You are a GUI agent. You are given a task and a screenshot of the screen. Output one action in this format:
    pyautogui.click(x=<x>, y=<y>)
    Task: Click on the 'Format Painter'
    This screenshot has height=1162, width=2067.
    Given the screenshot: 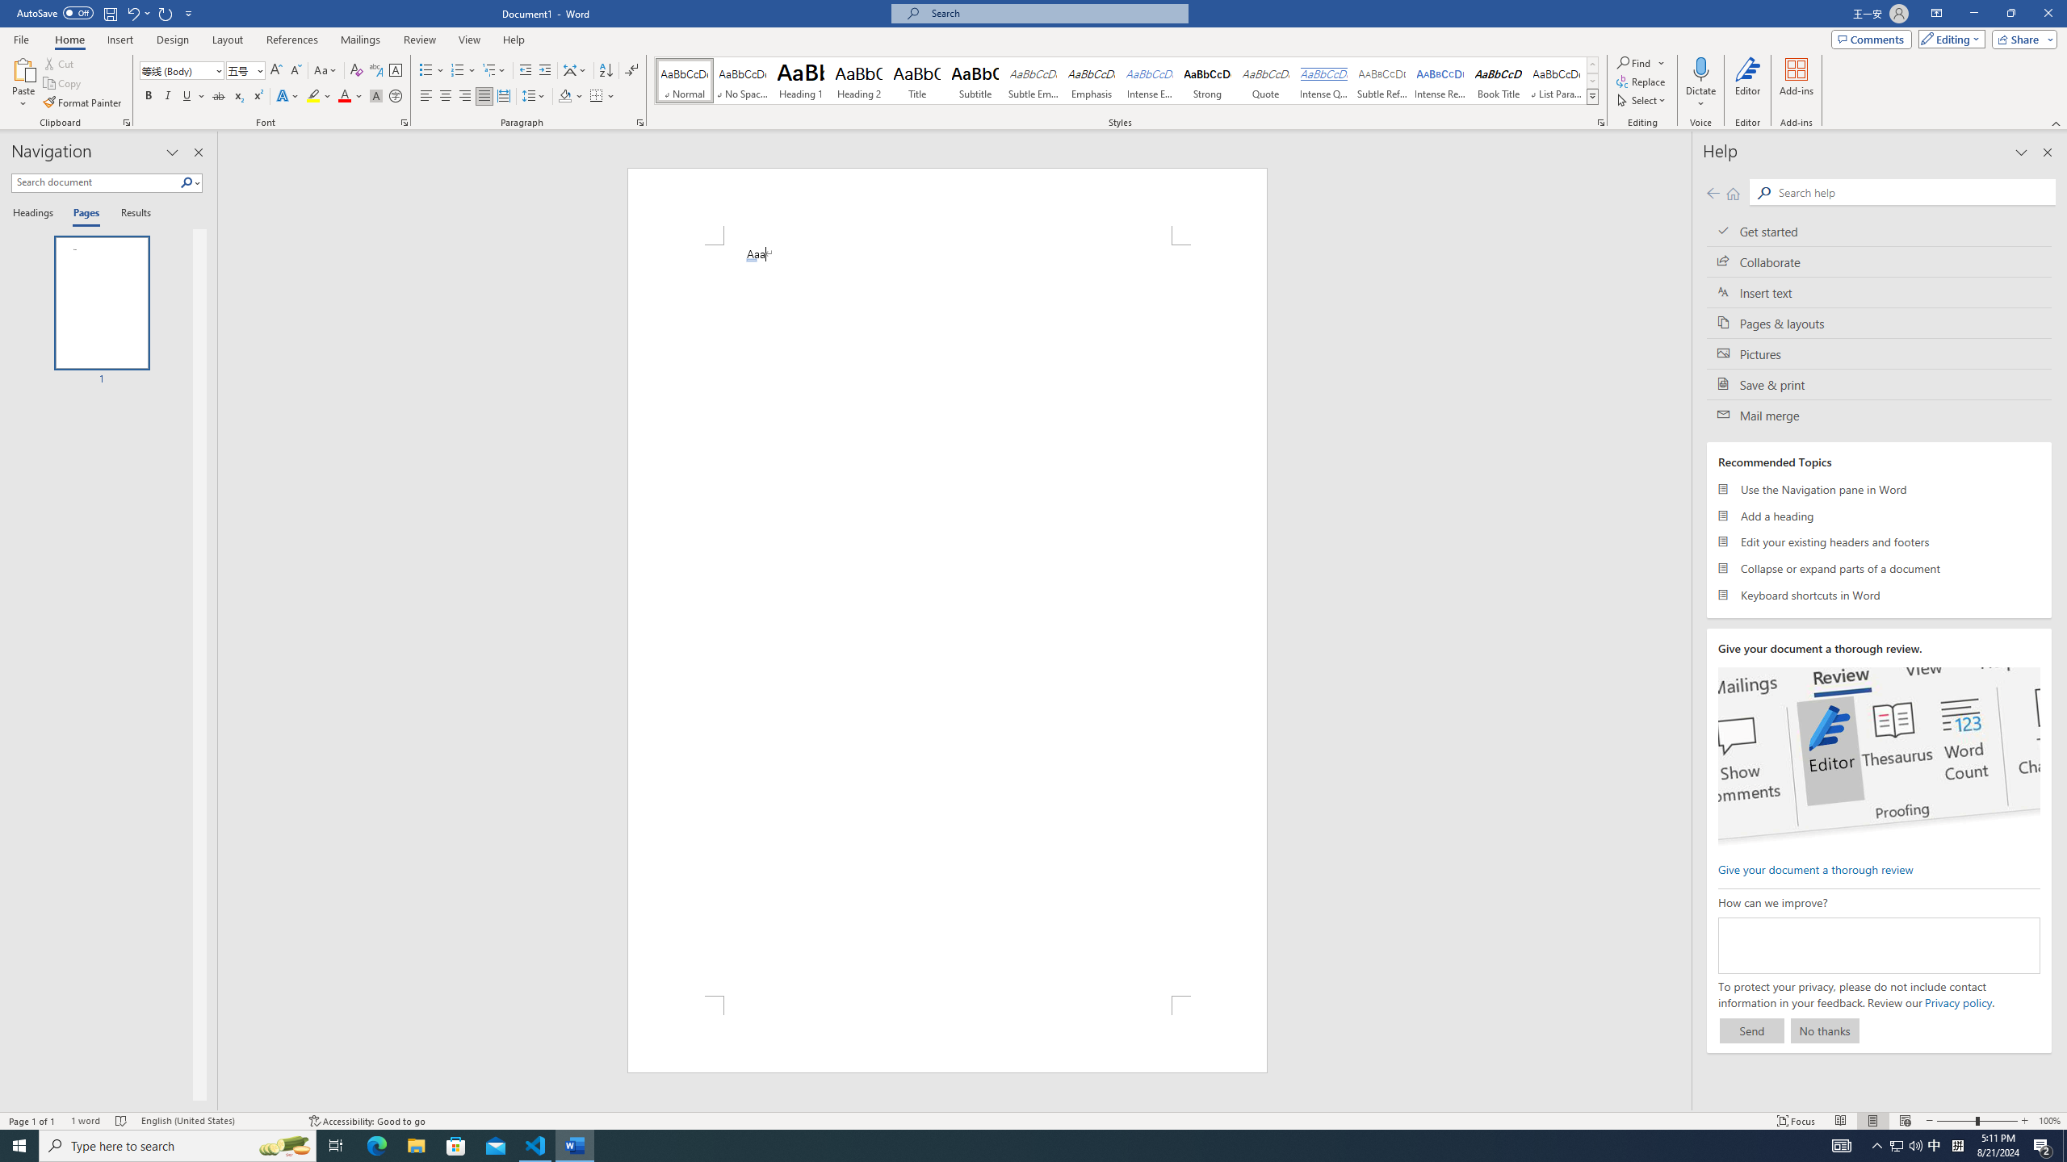 What is the action you would take?
    pyautogui.click(x=82, y=102)
    